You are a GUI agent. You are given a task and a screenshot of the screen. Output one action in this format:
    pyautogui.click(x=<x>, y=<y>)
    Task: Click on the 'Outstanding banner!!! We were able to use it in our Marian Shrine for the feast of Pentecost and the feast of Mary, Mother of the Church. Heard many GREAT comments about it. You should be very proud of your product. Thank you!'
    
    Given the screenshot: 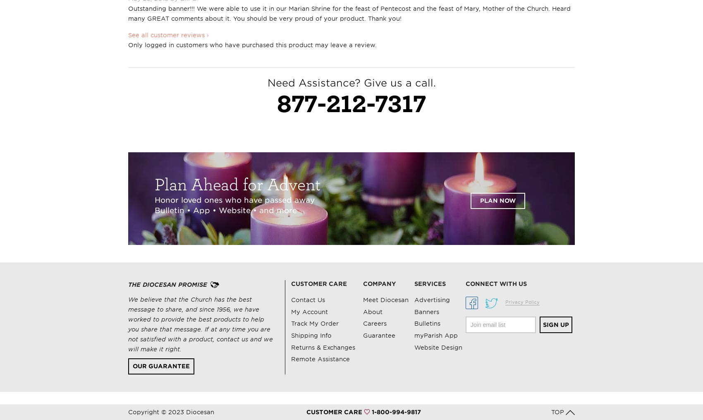 What is the action you would take?
    pyautogui.click(x=128, y=13)
    